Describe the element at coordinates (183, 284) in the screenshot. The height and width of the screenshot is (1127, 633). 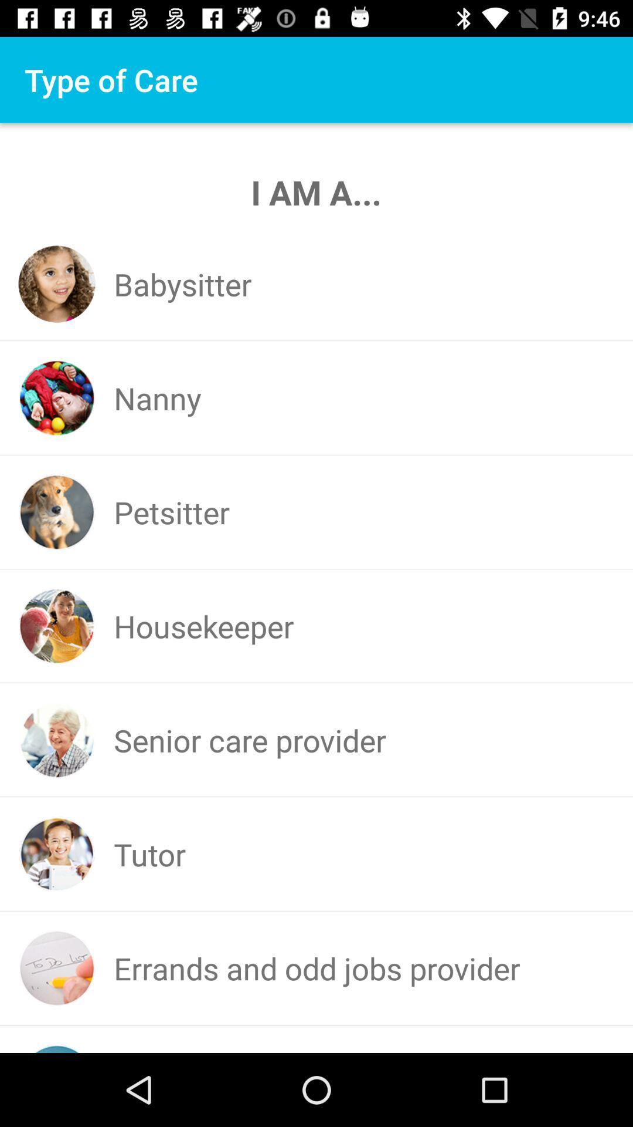
I see `item below the i am a...` at that location.